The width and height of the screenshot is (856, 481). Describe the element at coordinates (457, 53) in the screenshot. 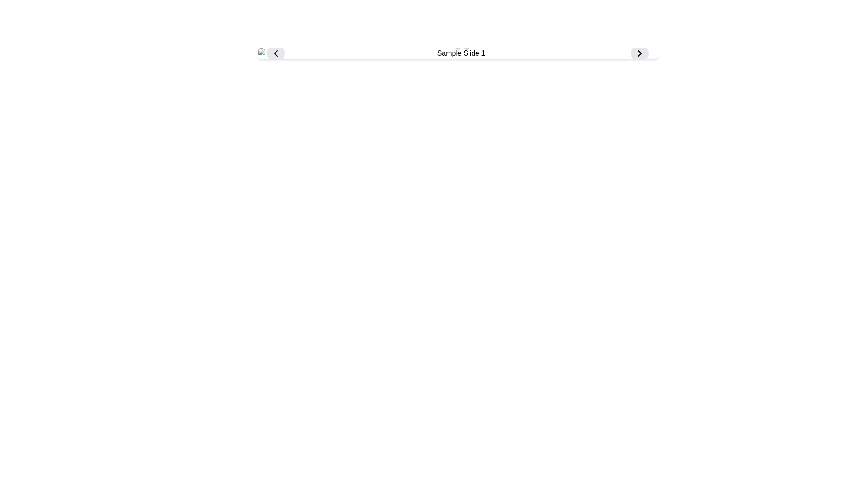

I see `the static text displaying 'Sample Slide 1' which is centrally located between two buttons on a horizontal bar at the top of a white background area` at that location.